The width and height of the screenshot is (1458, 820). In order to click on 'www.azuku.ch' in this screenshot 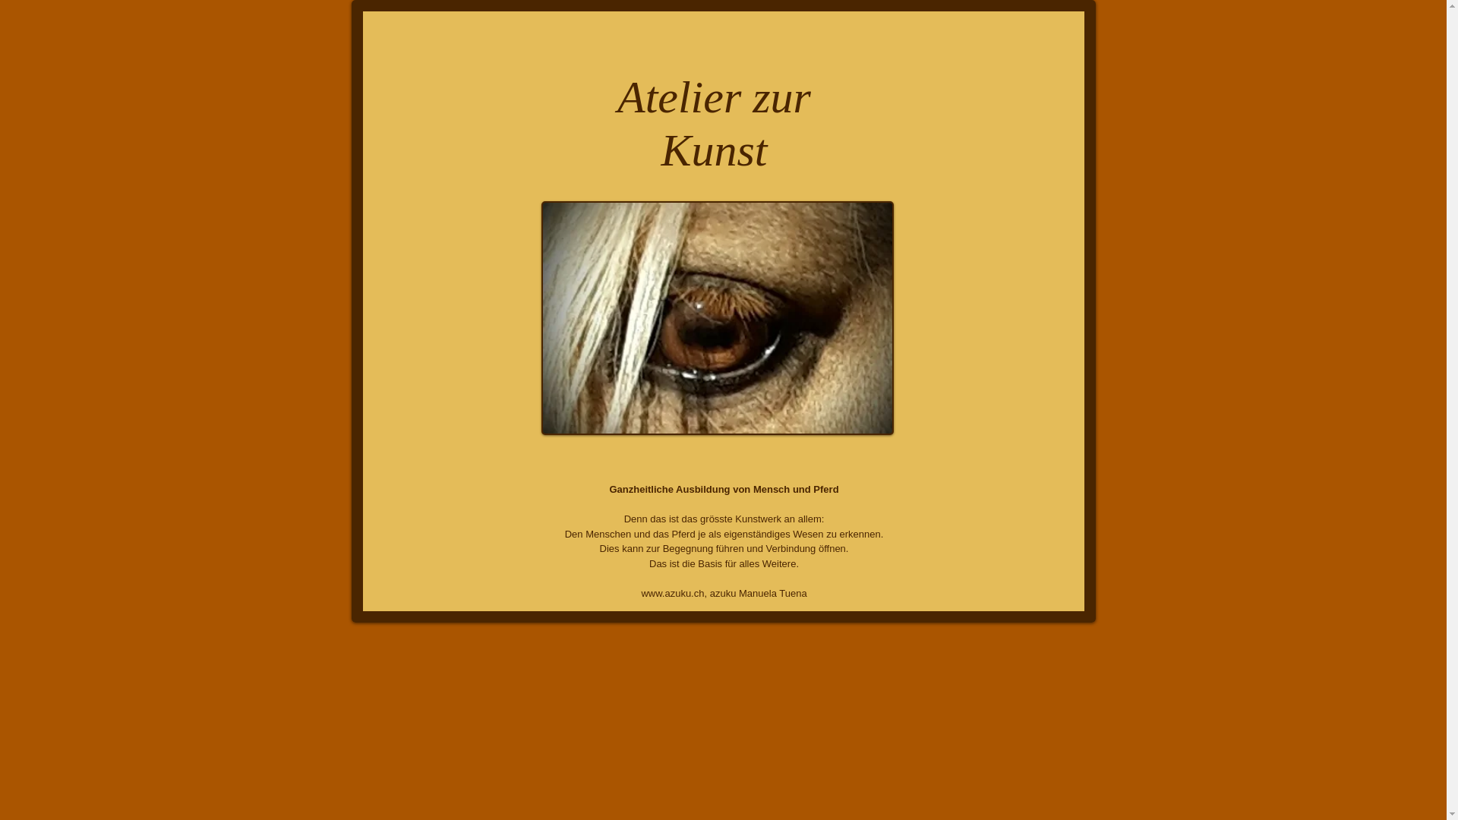, I will do `click(641, 592)`.